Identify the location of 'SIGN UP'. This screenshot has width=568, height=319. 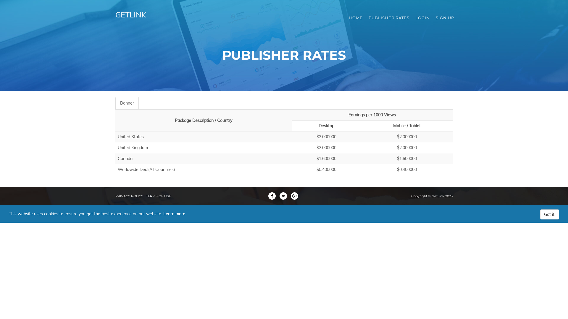
(445, 17).